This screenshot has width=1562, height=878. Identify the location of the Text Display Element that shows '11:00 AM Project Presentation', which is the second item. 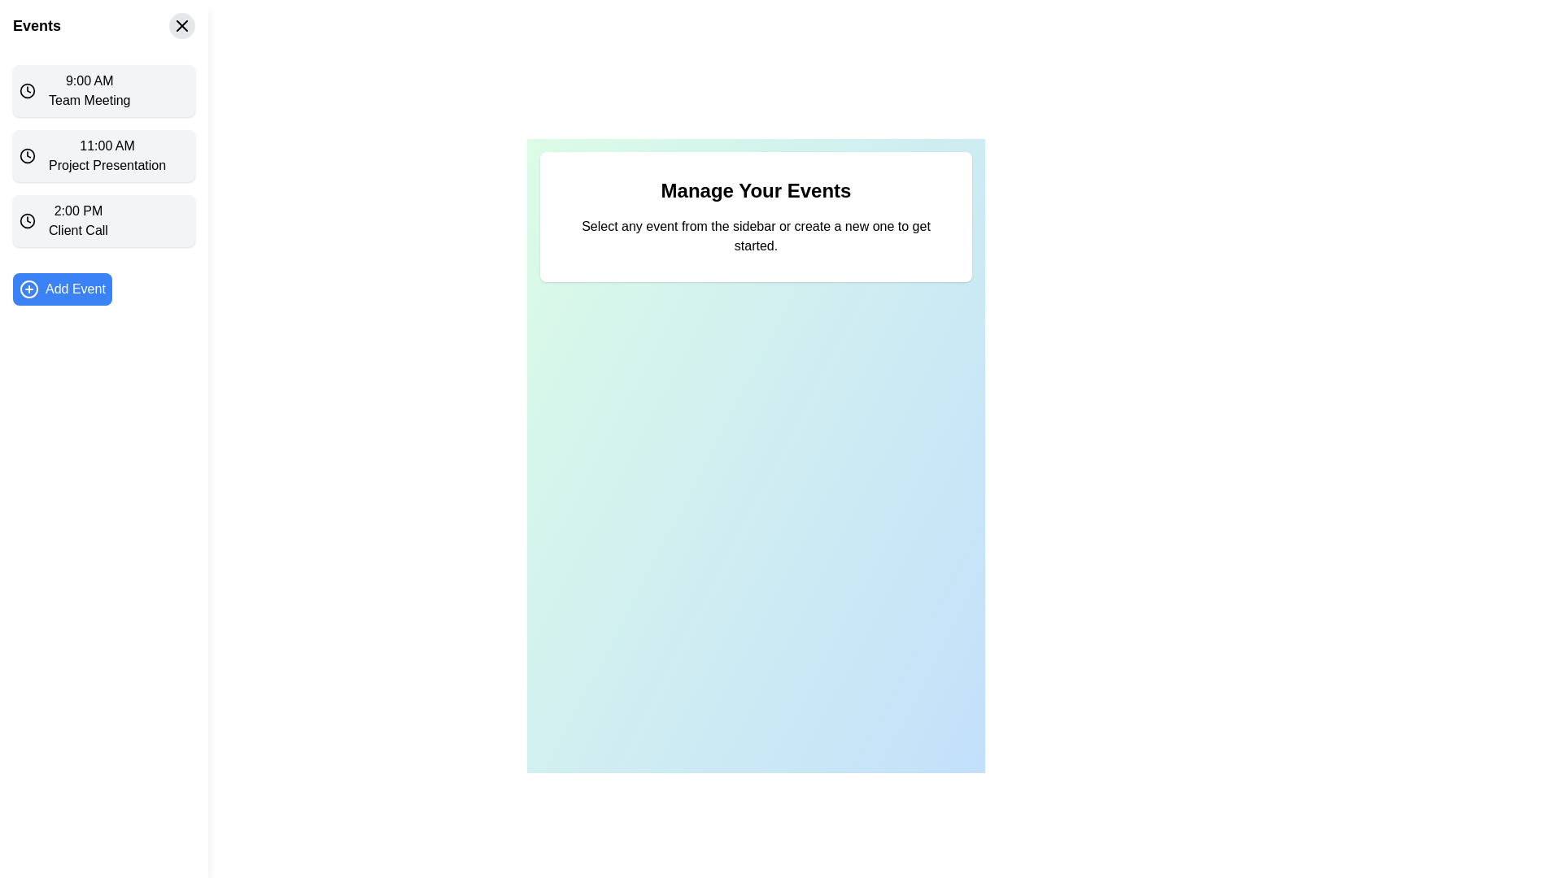
(107, 156).